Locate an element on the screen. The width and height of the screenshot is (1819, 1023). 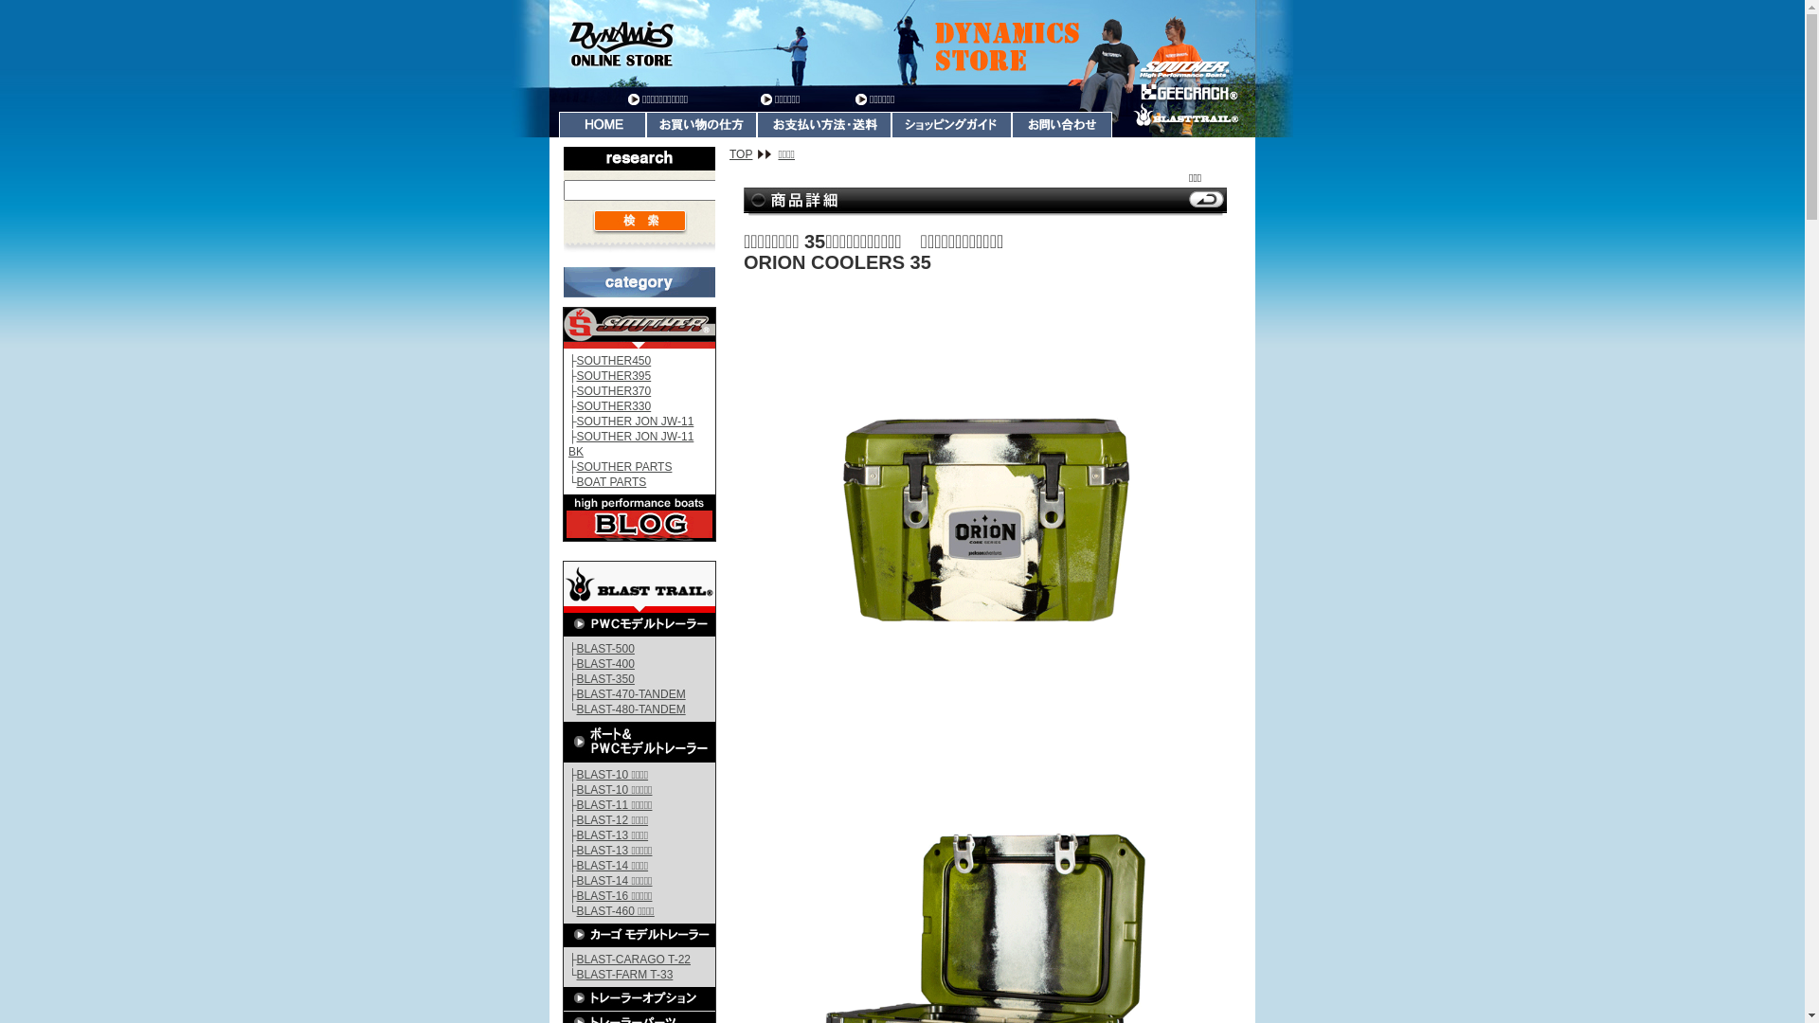
'SOUTHER JON JW-11' is located at coordinates (576, 420).